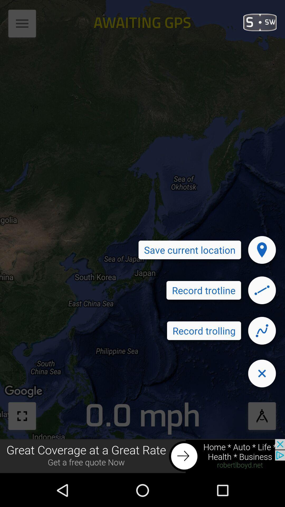 This screenshot has width=285, height=507. I want to click on the fullscreen icon, so click(22, 417).